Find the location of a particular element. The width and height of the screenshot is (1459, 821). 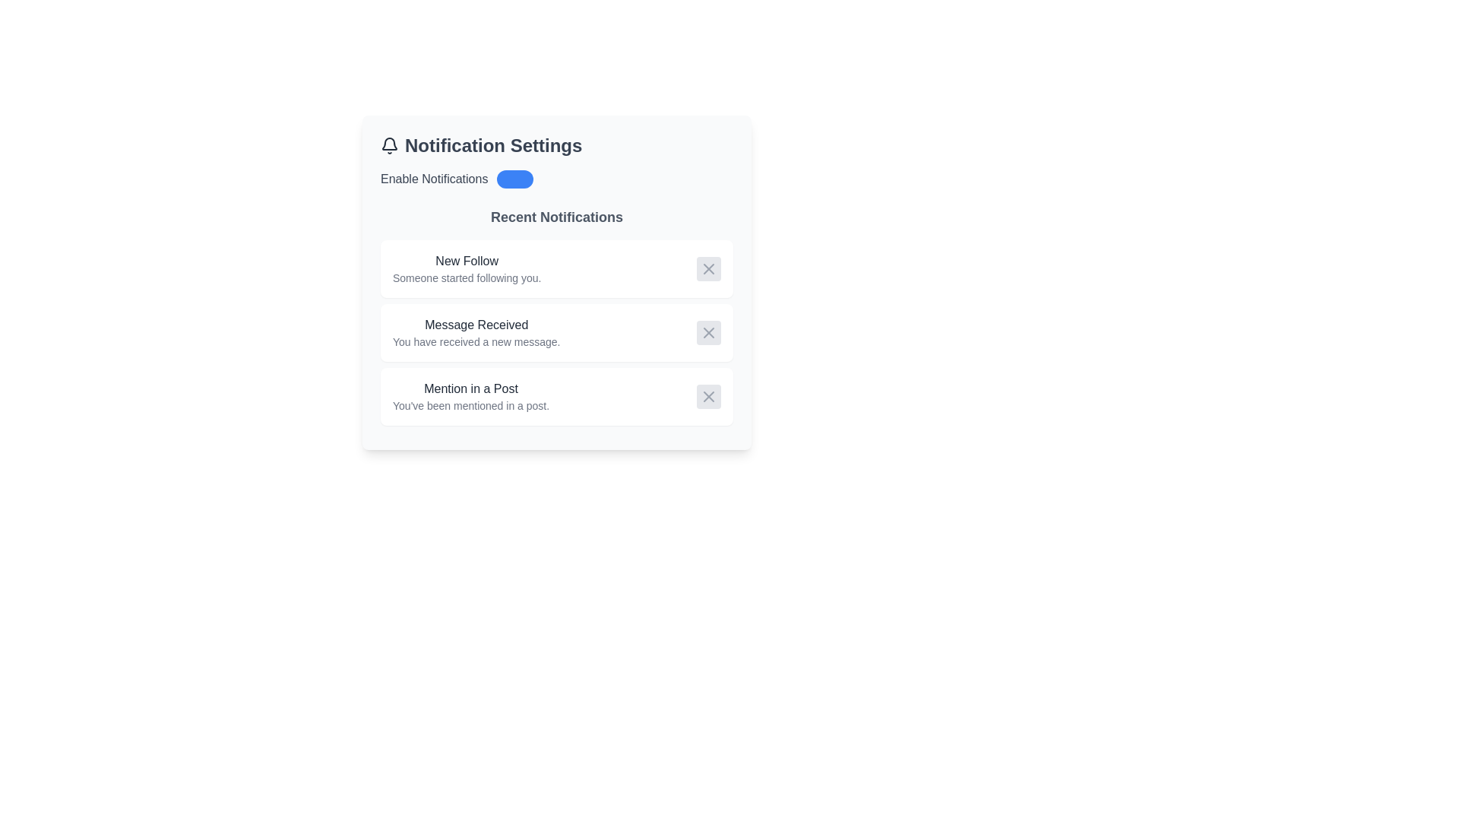

the current state of the Toggle switch for notifications, which is located below the 'Notification Settings' title and above the 'Recent Notifications' section is located at coordinates (556, 178).